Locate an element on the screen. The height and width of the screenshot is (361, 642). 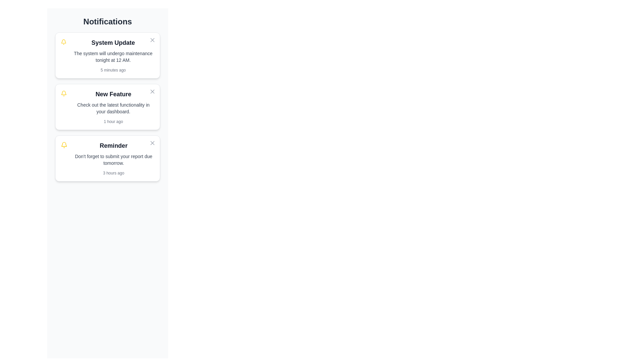
notification details from the Notification Card titled 'System Update', which contains a description about system maintenance and is located at the top of the notification list is located at coordinates (113, 55).